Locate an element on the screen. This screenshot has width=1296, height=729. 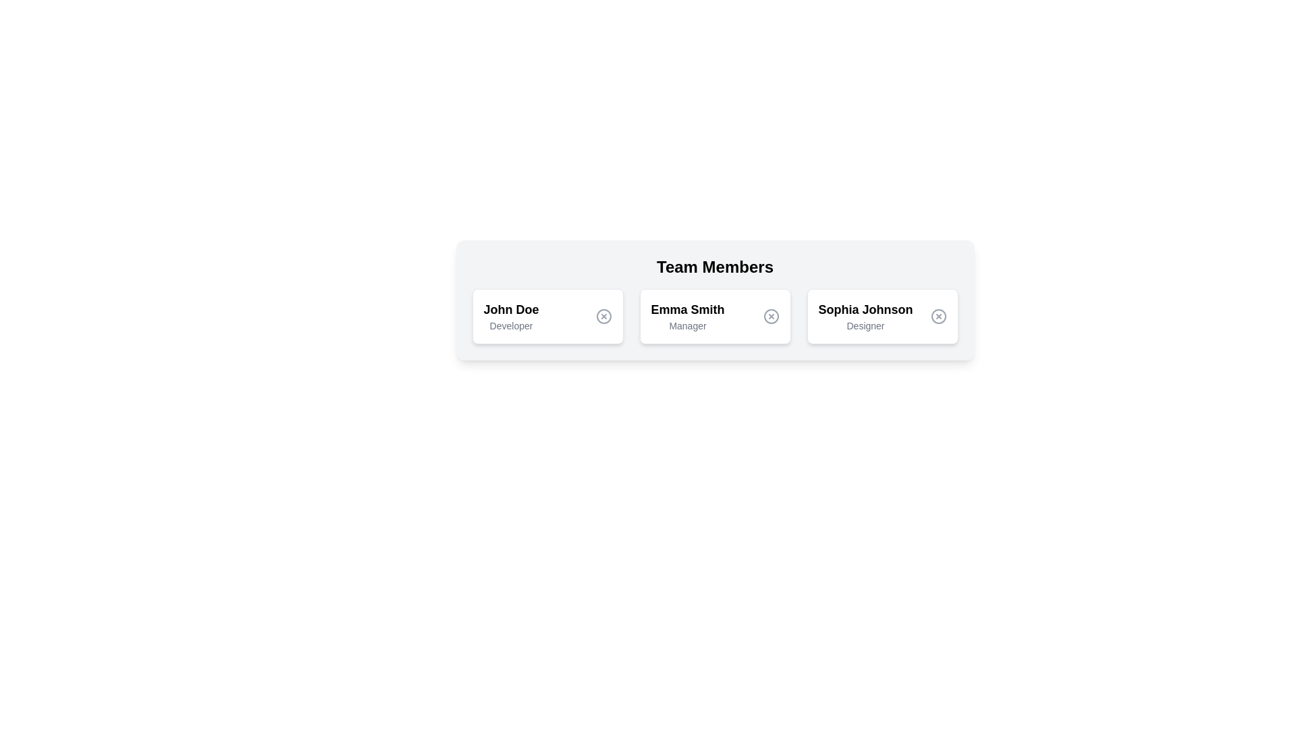
the icon of the profile card corresponding to Emma Smith is located at coordinates (771, 317).